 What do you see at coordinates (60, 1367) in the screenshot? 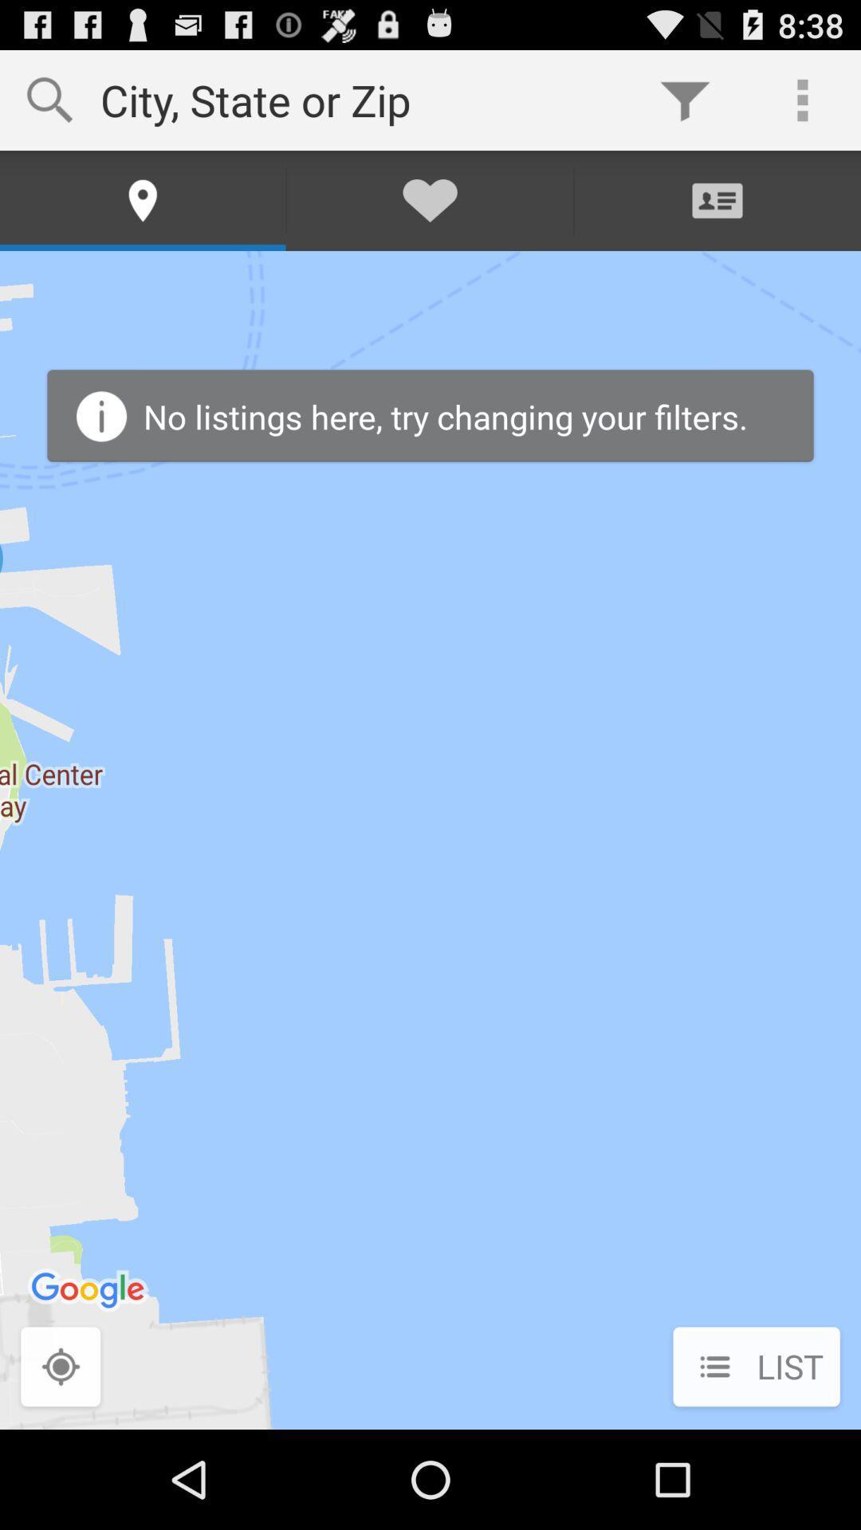
I see `the item next to list icon` at bounding box center [60, 1367].